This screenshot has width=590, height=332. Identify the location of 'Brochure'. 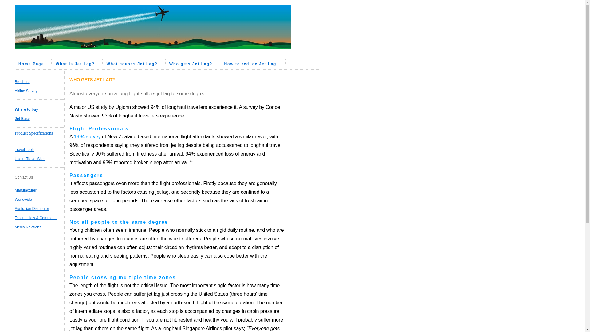
(22, 81).